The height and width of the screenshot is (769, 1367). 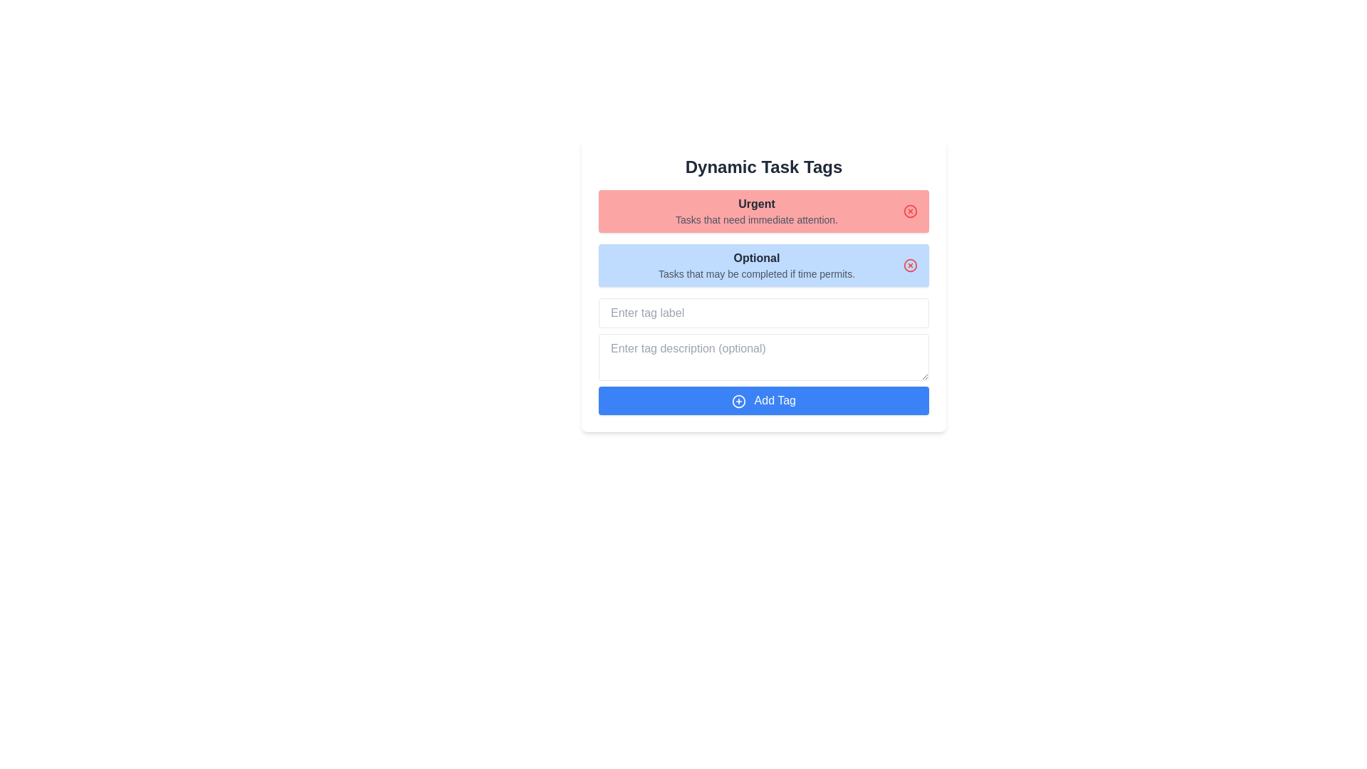 I want to click on bold, dark gray text element labeled 'Optional', which is styled with a larger font size and is centered in a light blue background, to determine its styles or text value, so click(x=755, y=258).